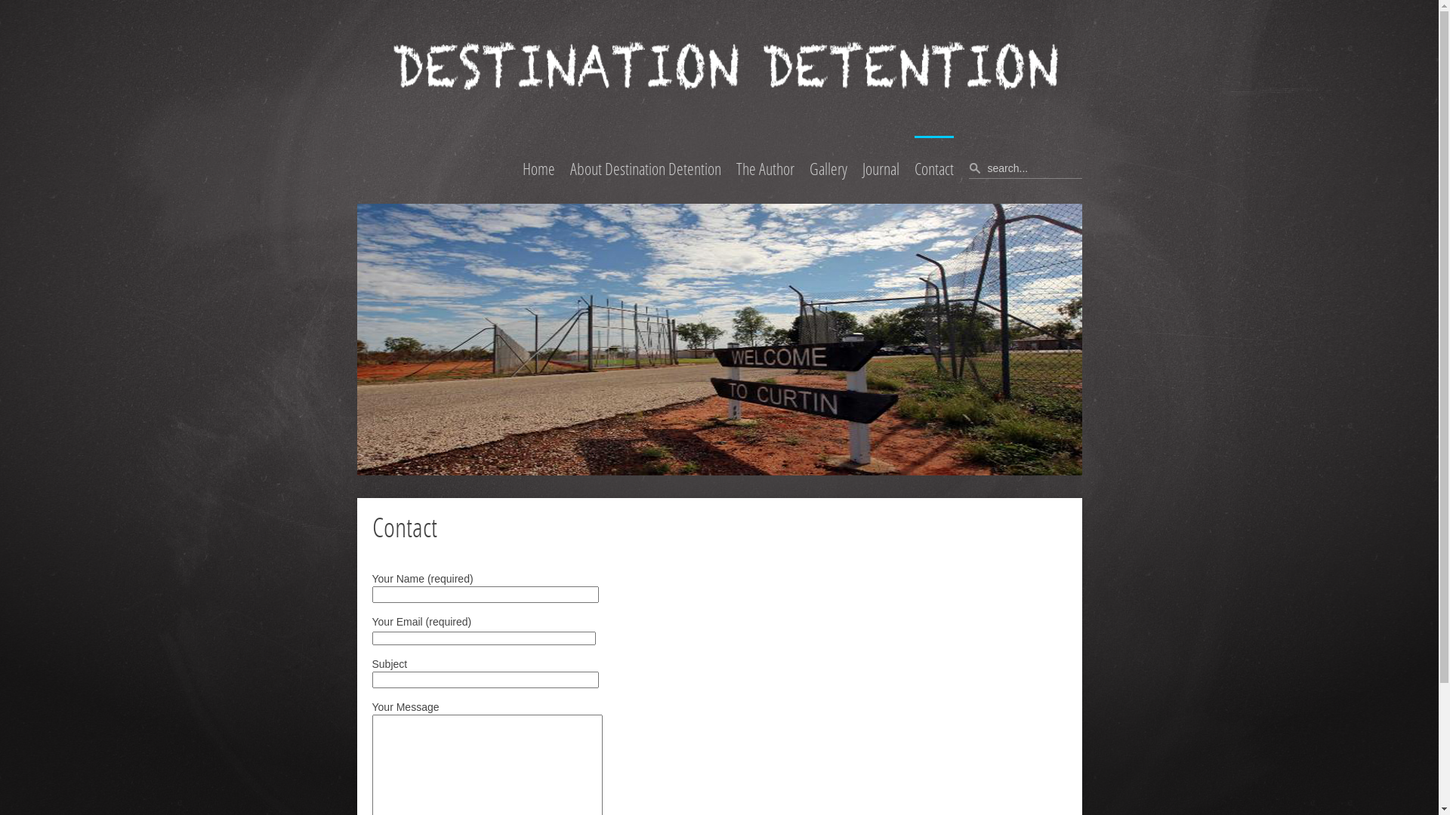  I want to click on 'Contact', so click(933, 169).